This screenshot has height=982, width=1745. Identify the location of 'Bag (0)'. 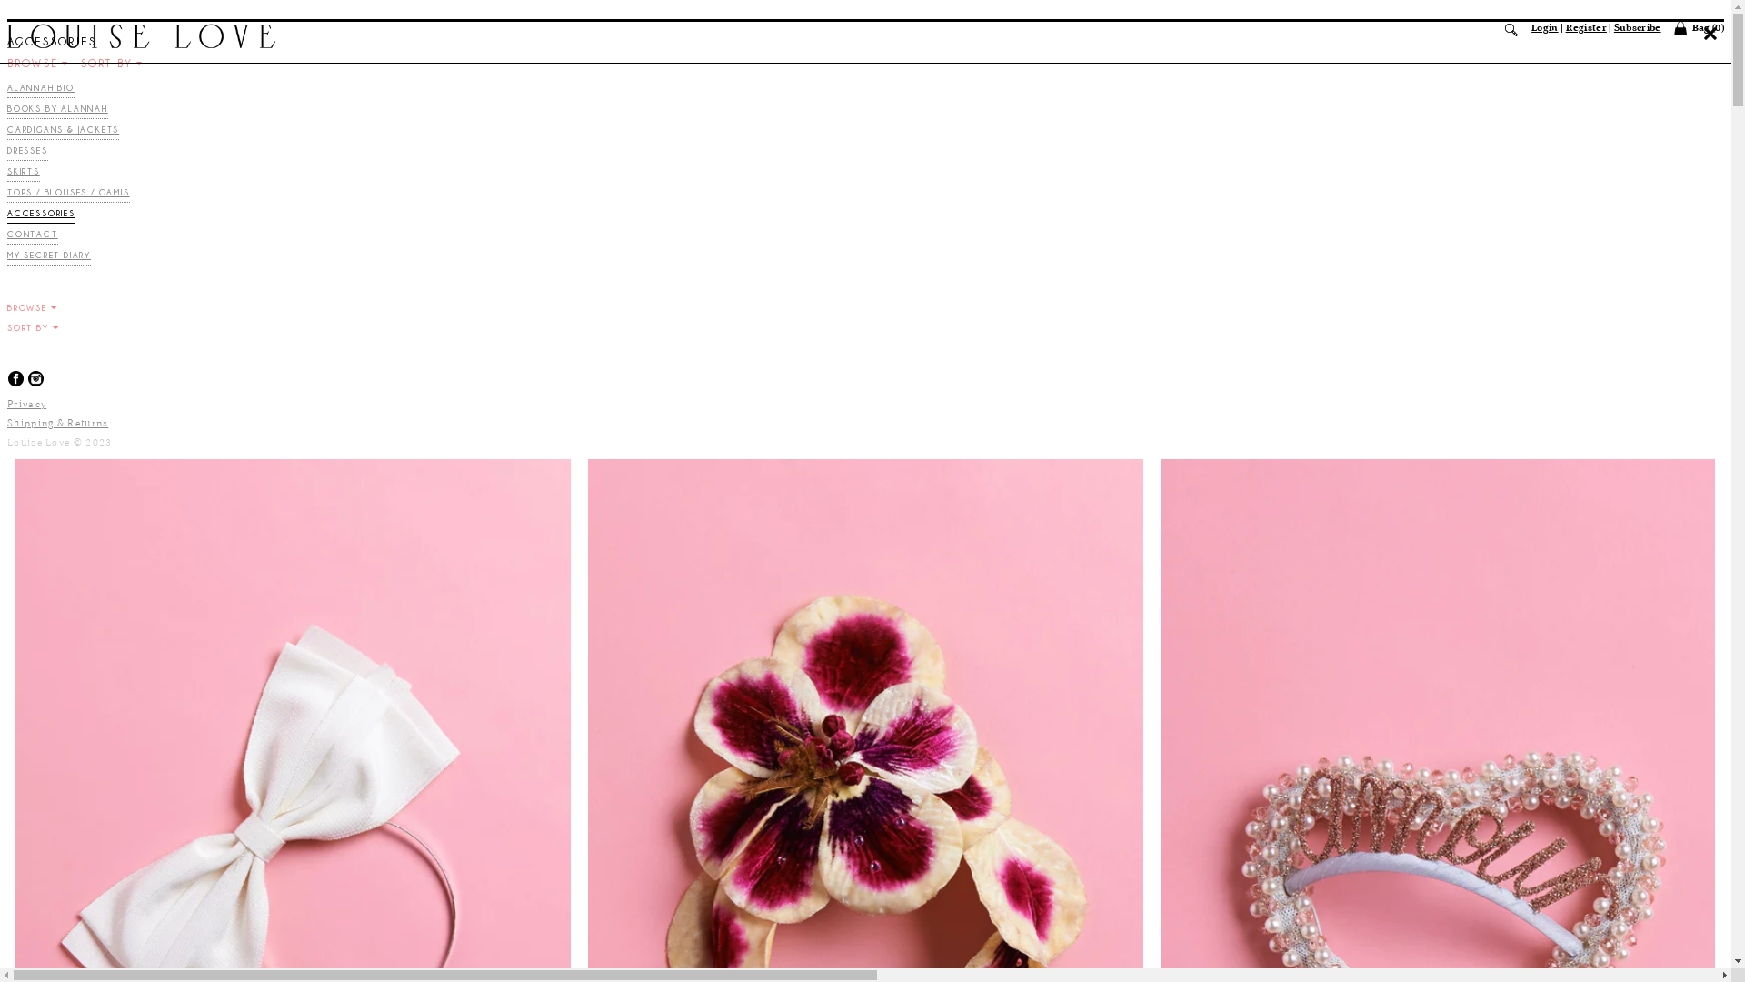
(1697, 27).